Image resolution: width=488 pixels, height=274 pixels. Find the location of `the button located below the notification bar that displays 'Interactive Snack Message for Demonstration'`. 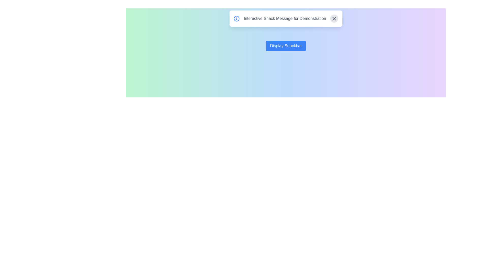

the button located below the notification bar that displays 'Interactive Snack Message for Demonstration' is located at coordinates (286, 46).